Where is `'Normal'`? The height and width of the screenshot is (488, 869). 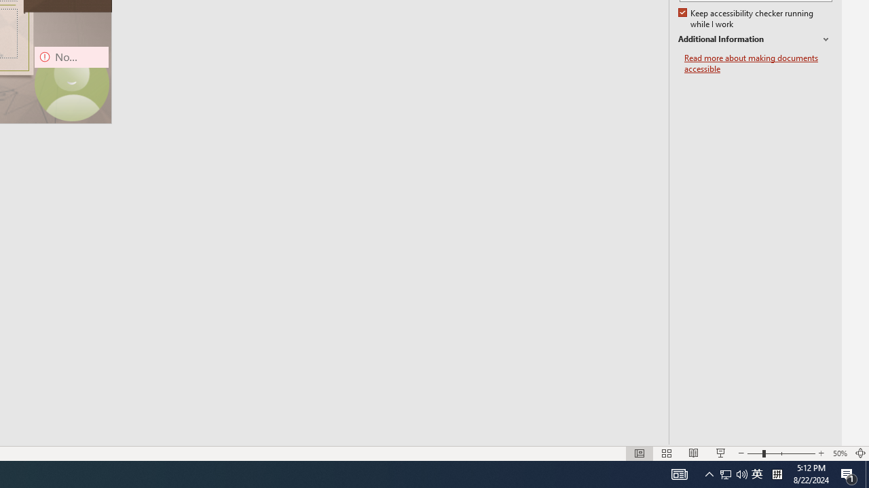
'Normal' is located at coordinates (639, 453).